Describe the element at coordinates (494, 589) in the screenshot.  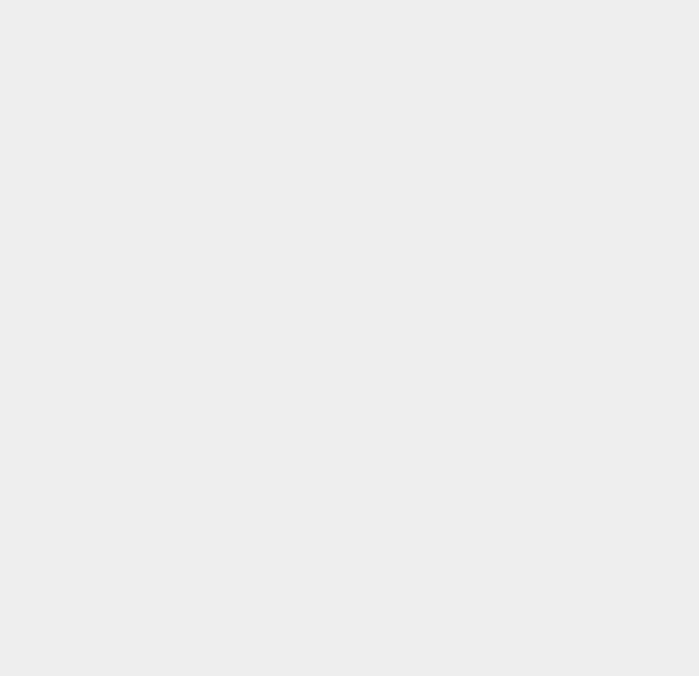
I see `'Google Earth'` at that location.